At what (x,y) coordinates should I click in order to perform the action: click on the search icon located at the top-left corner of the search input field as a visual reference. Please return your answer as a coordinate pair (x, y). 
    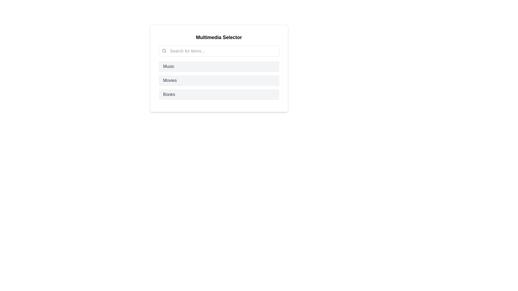
    Looking at the image, I should click on (164, 51).